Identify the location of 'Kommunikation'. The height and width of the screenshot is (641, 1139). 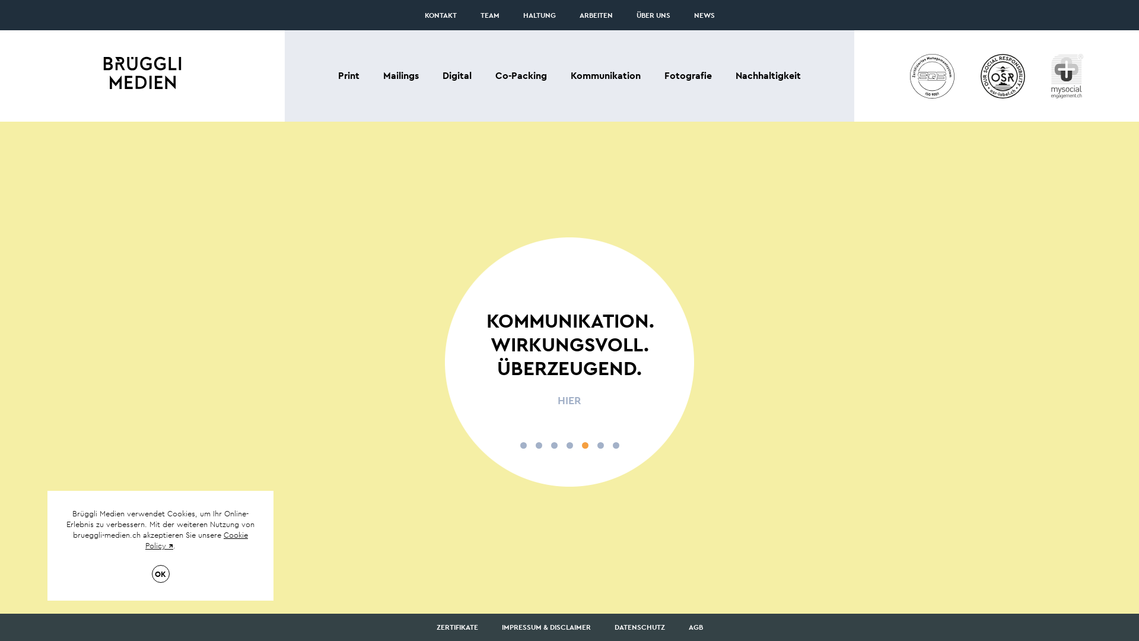
(606, 75).